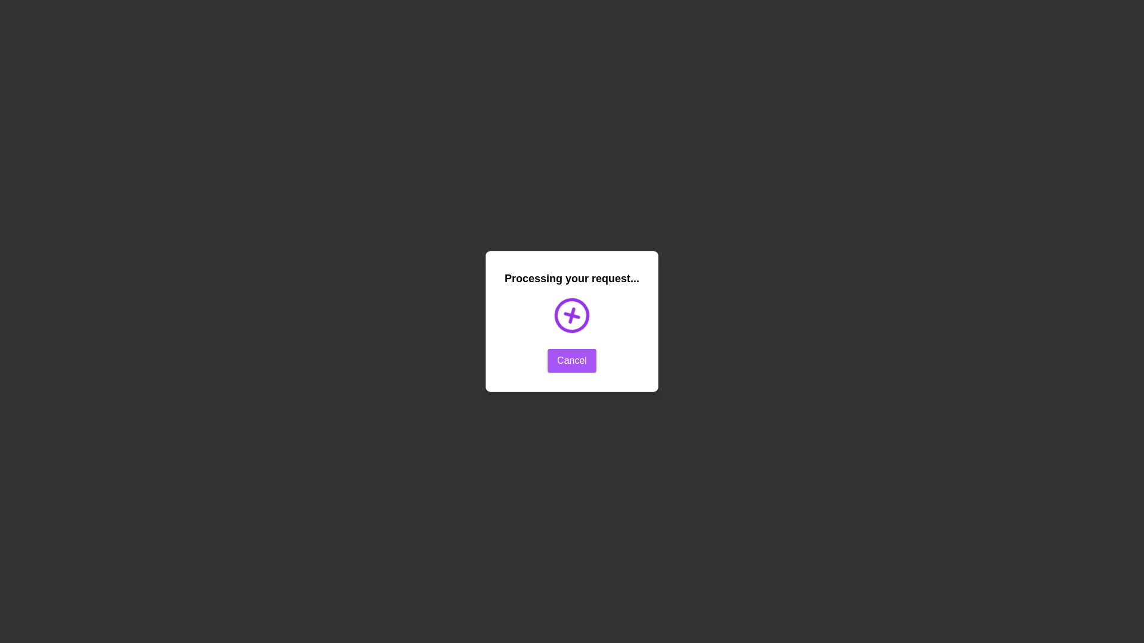  What do you see at coordinates (572, 360) in the screenshot?
I see `the cancel button located at the bottom of the modal dialog` at bounding box center [572, 360].